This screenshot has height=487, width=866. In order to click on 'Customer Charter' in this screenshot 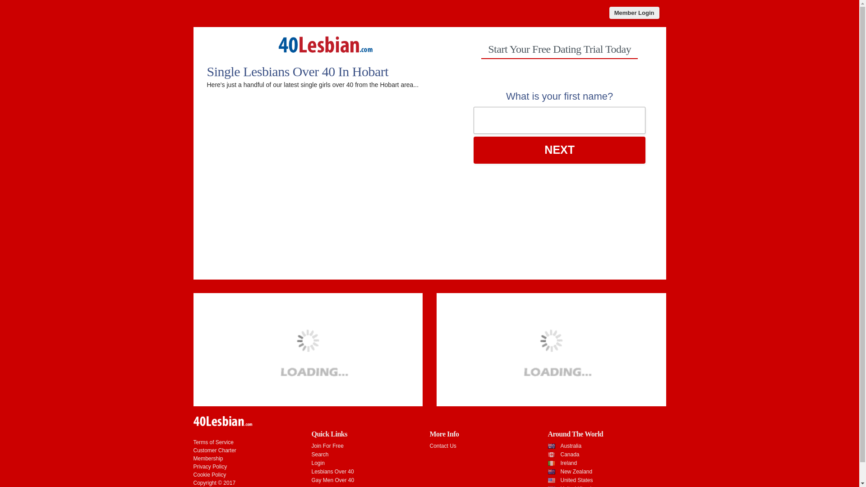, I will do `click(214, 450)`.